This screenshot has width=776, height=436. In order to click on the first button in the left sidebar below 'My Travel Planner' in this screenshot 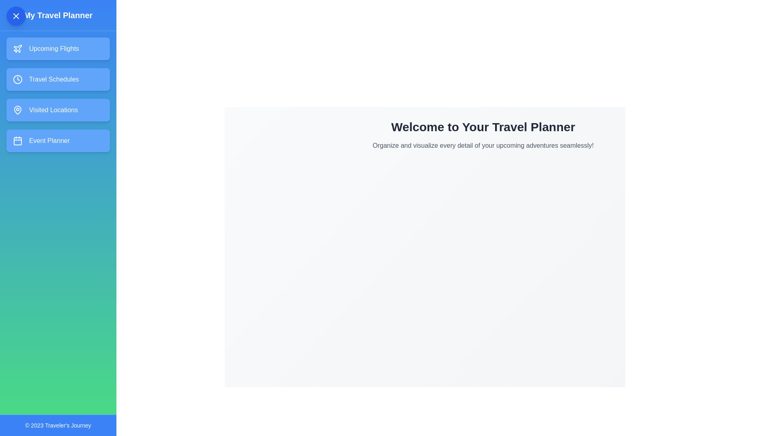, I will do `click(58, 48)`.